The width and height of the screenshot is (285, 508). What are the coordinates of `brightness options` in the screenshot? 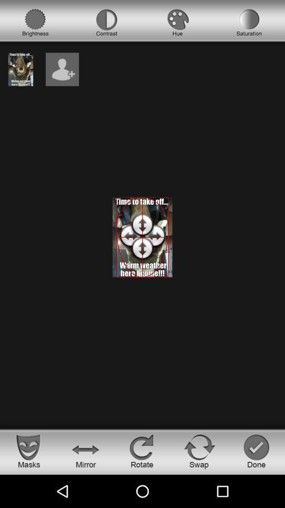 It's located at (35, 22).